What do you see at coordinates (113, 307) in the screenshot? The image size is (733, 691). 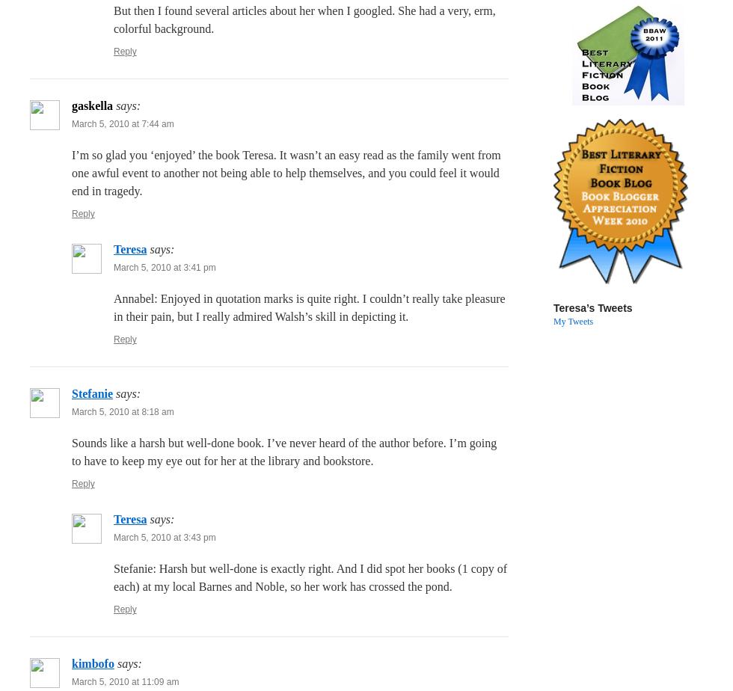 I see `'Annabel: Enjoyed in quotation marks is quite right. I couldn’t really take pleasure in their pain, but I really admired Walsh’s skill in depicting it.'` at bounding box center [113, 307].